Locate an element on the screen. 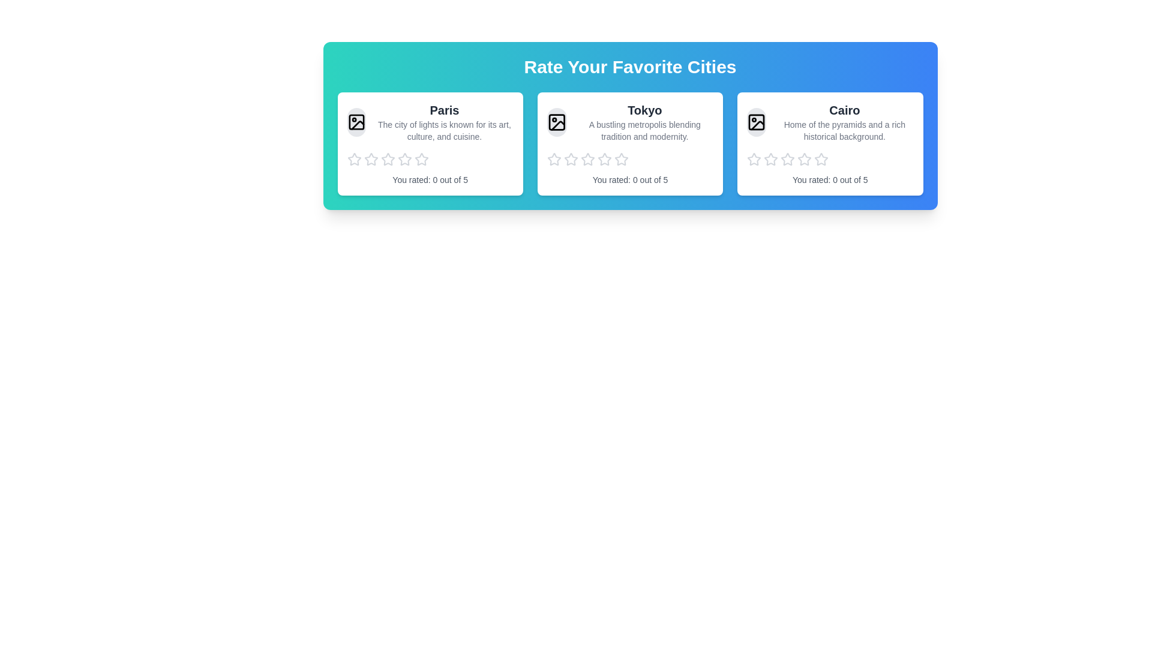 This screenshot has height=648, width=1152. the first gray star icon under the 'Rate Your Favorite Cities' heading is located at coordinates (353, 158).